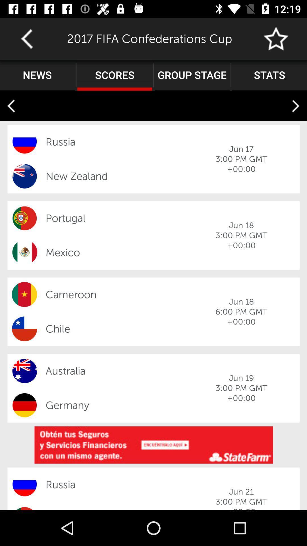 This screenshot has height=546, width=307. Describe the element at coordinates (295, 106) in the screenshot. I see `symbol below stats` at that location.